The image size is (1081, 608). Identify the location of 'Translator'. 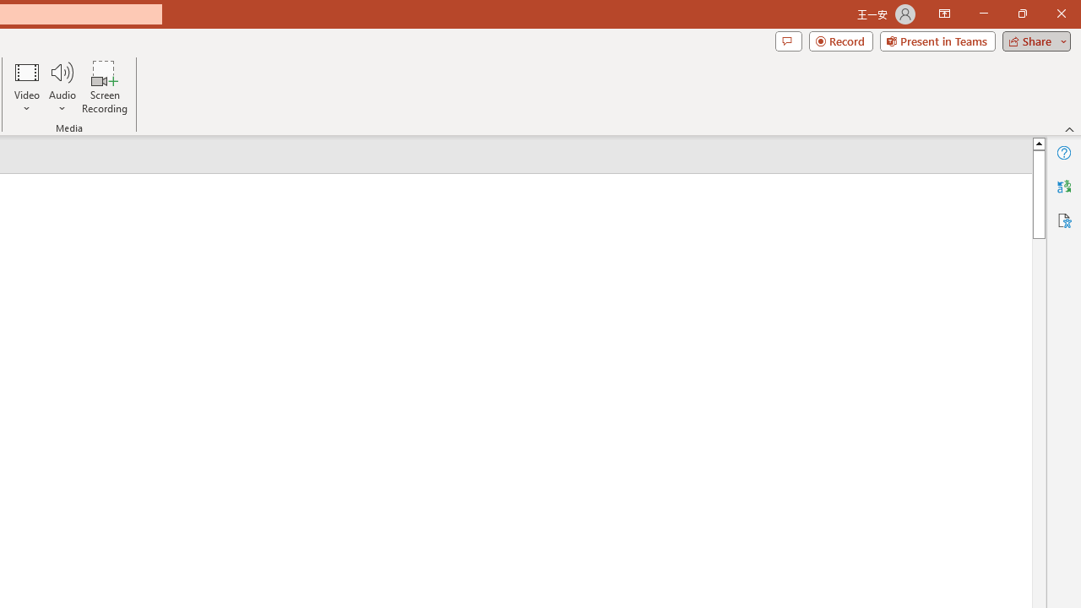
(1063, 187).